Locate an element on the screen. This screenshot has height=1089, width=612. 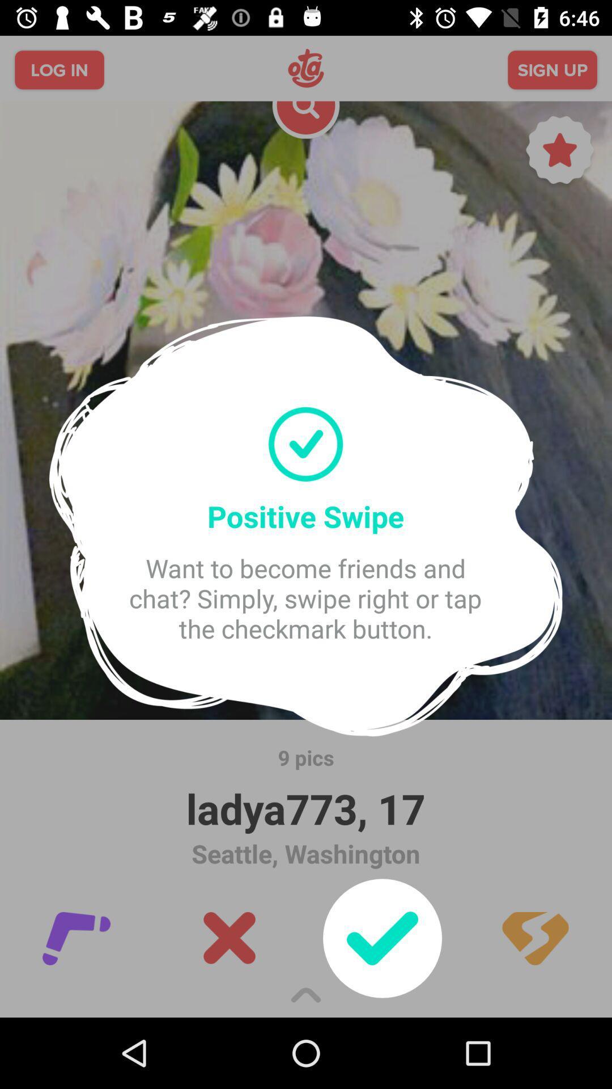
the close icon is located at coordinates (229, 938).